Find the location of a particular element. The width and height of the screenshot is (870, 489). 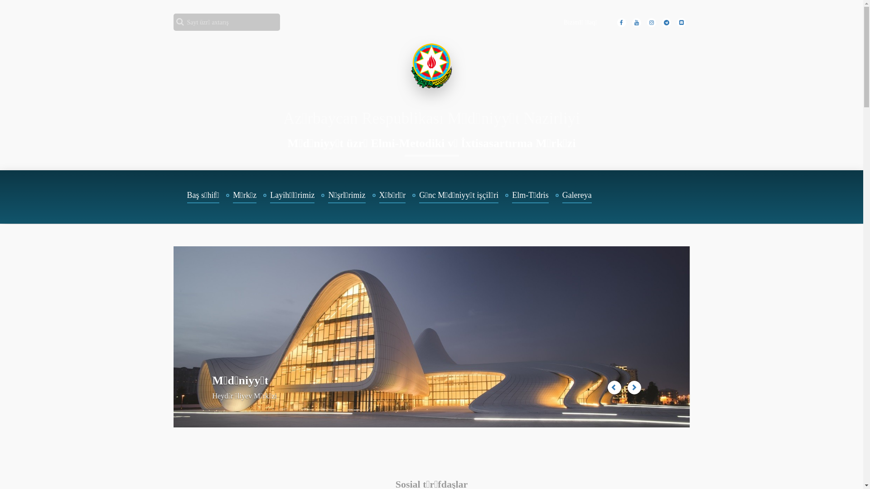

'Galereya' is located at coordinates (576, 197).